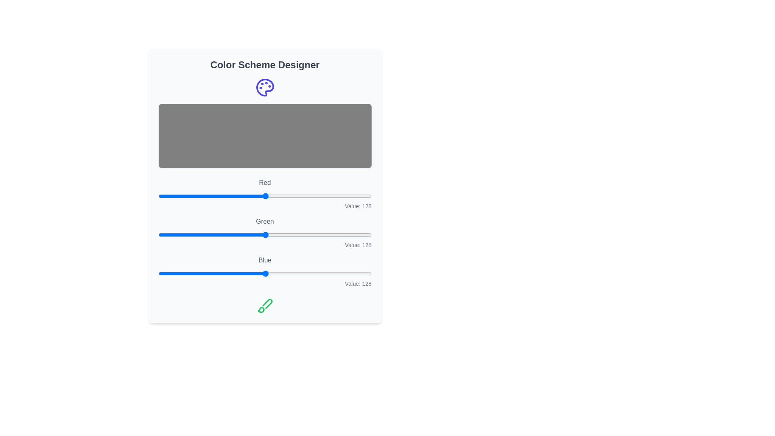 The height and width of the screenshot is (436, 775). Describe the element at coordinates (228, 273) in the screenshot. I see `the slider value` at that location.